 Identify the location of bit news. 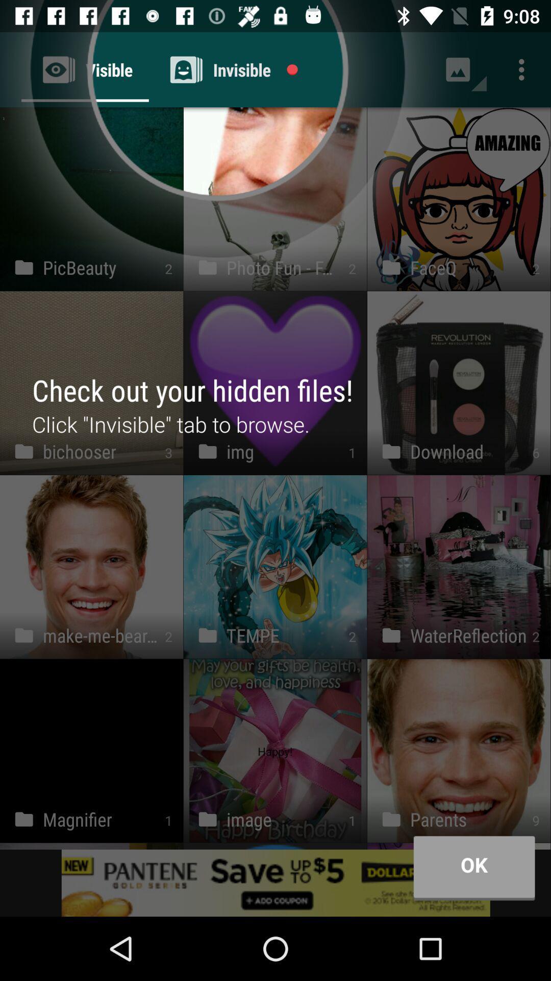
(275, 882).